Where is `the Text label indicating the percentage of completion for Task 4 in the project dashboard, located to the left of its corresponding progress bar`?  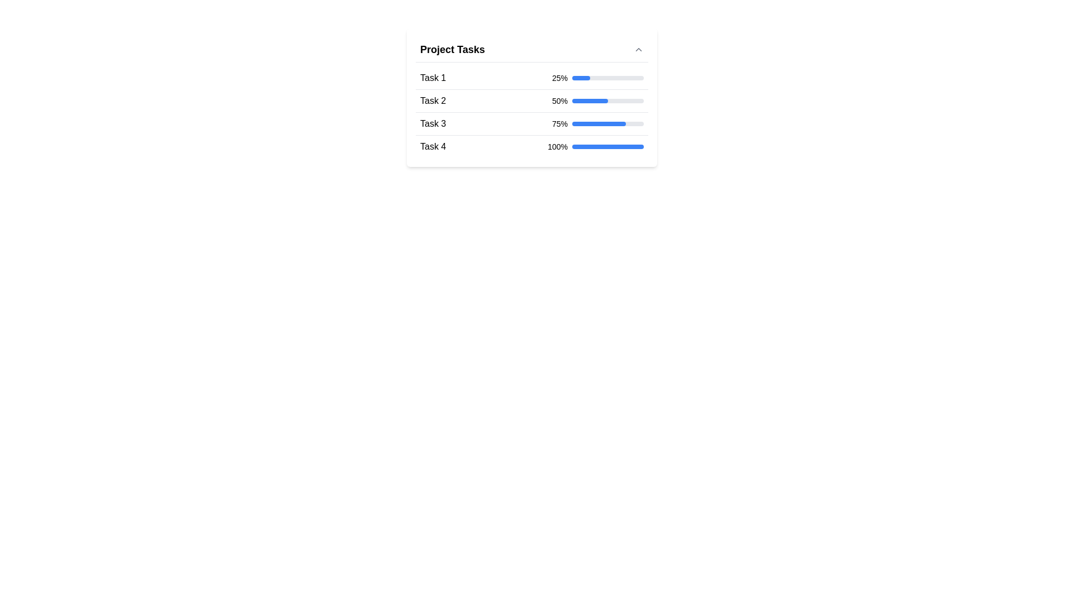 the Text label indicating the percentage of completion for Task 4 in the project dashboard, located to the left of its corresponding progress bar is located at coordinates (558, 146).